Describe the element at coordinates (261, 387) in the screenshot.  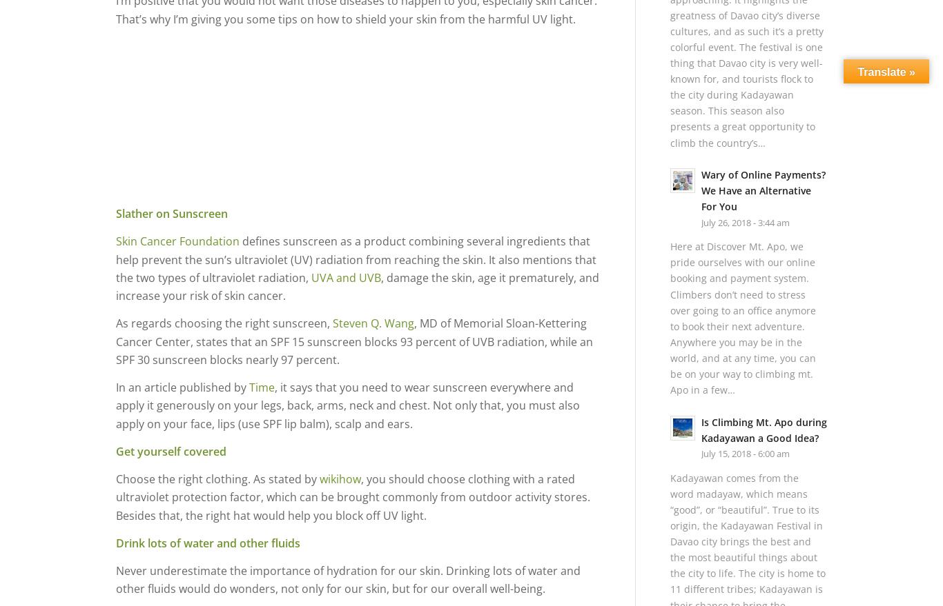
I see `'Time'` at that location.